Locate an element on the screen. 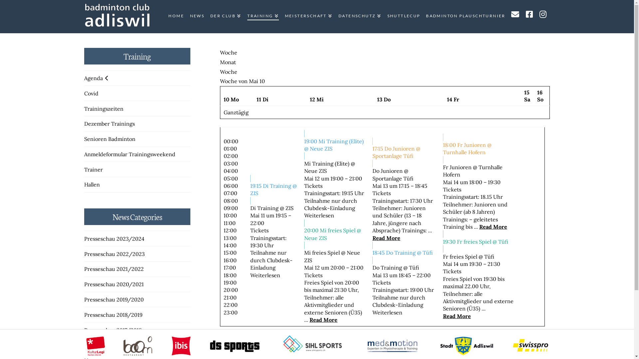 The width and height of the screenshot is (639, 359). '16 So' is located at coordinates (540, 96).